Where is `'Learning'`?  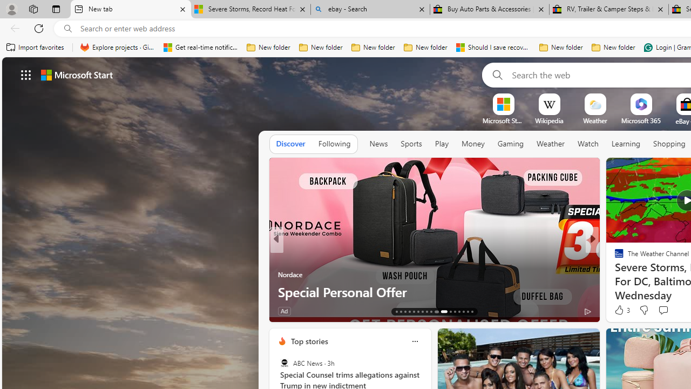
'Learning' is located at coordinates (626, 144).